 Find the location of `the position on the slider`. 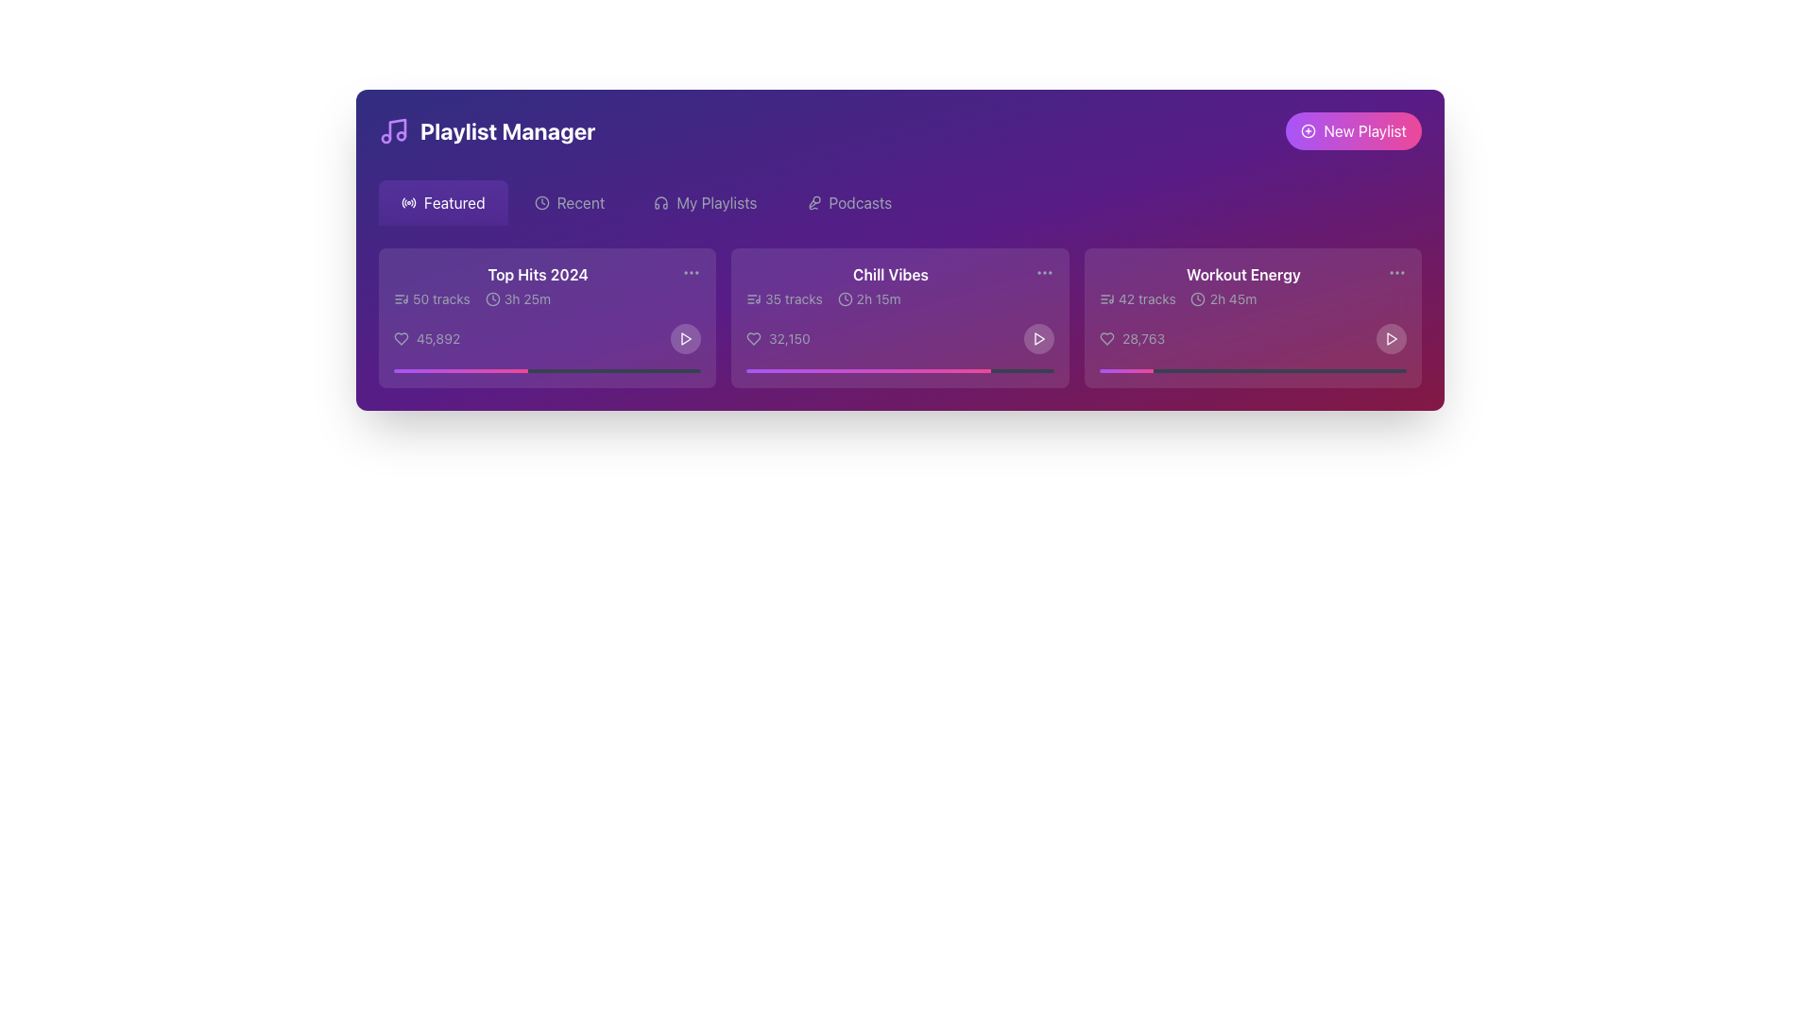

the position on the slider is located at coordinates (897, 371).